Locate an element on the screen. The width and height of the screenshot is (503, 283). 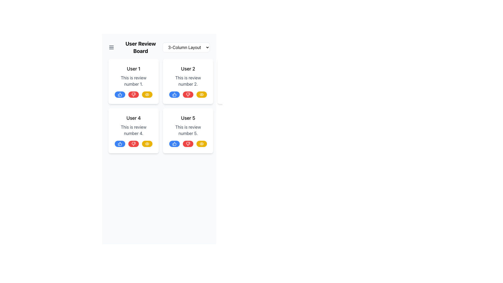
the circular button with a bright yellow background and a white eye icon located in the bottom-right corner of the 'User 5' card is located at coordinates (201, 144).